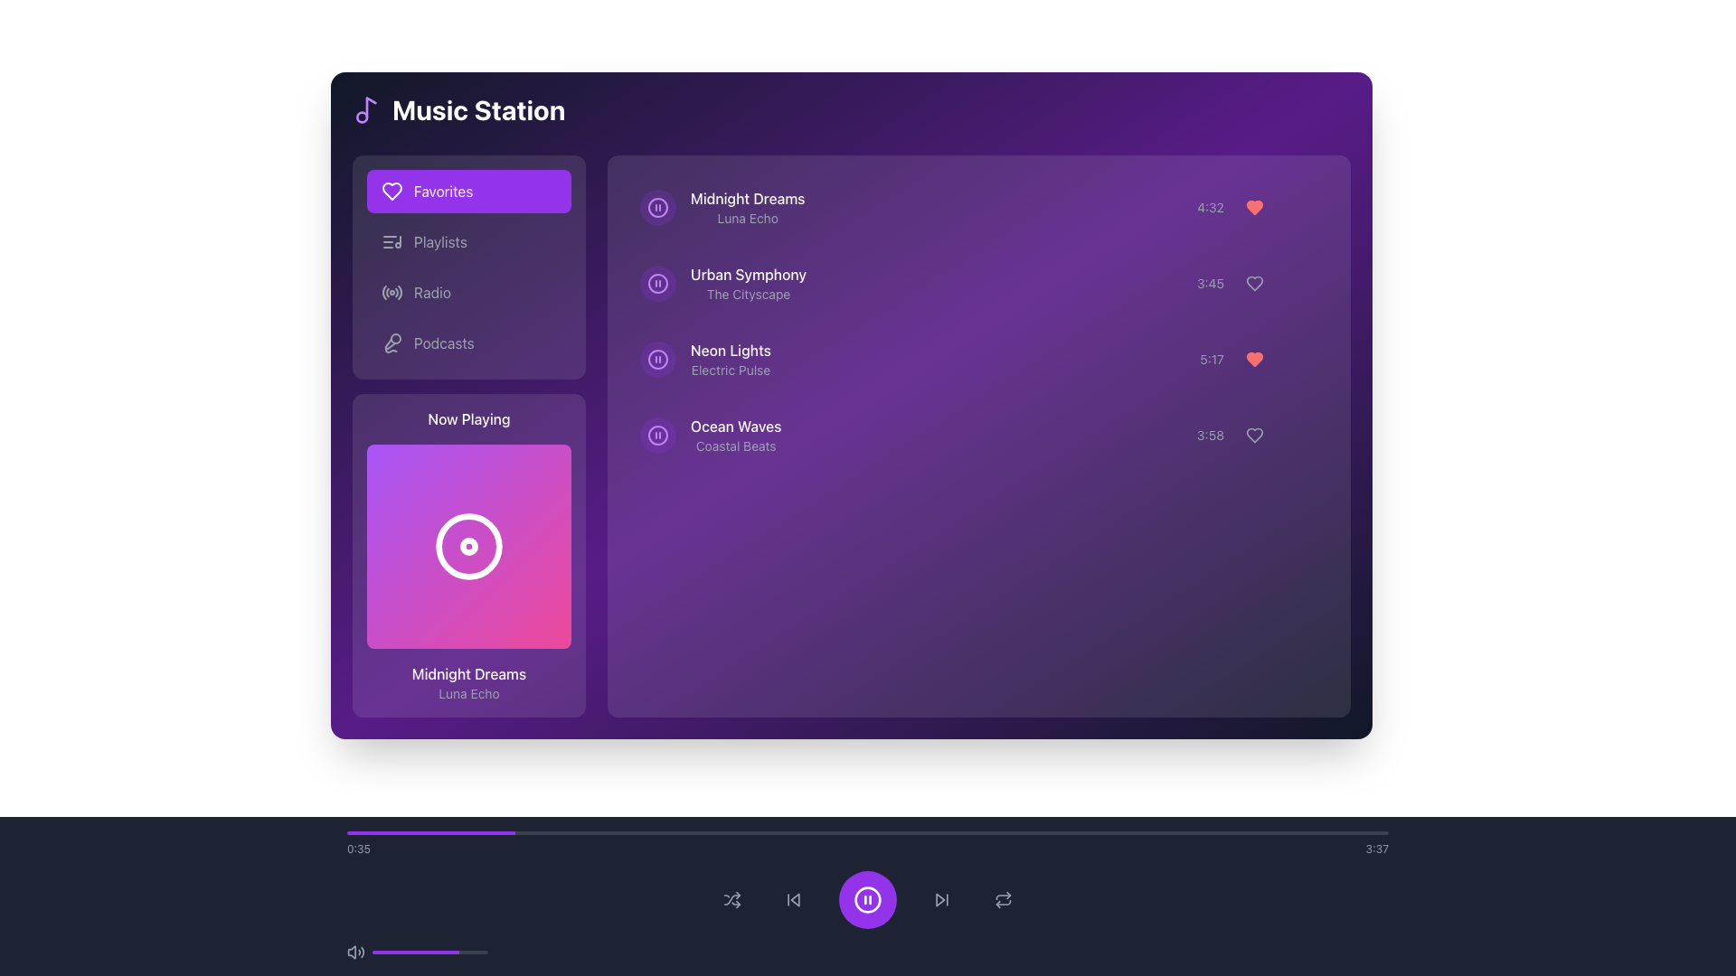 The image size is (1736, 976). Describe the element at coordinates (1253, 283) in the screenshot. I see `the second heart icon button in the playlist section, located to the right of the time '3:45', for visual feedback` at that location.